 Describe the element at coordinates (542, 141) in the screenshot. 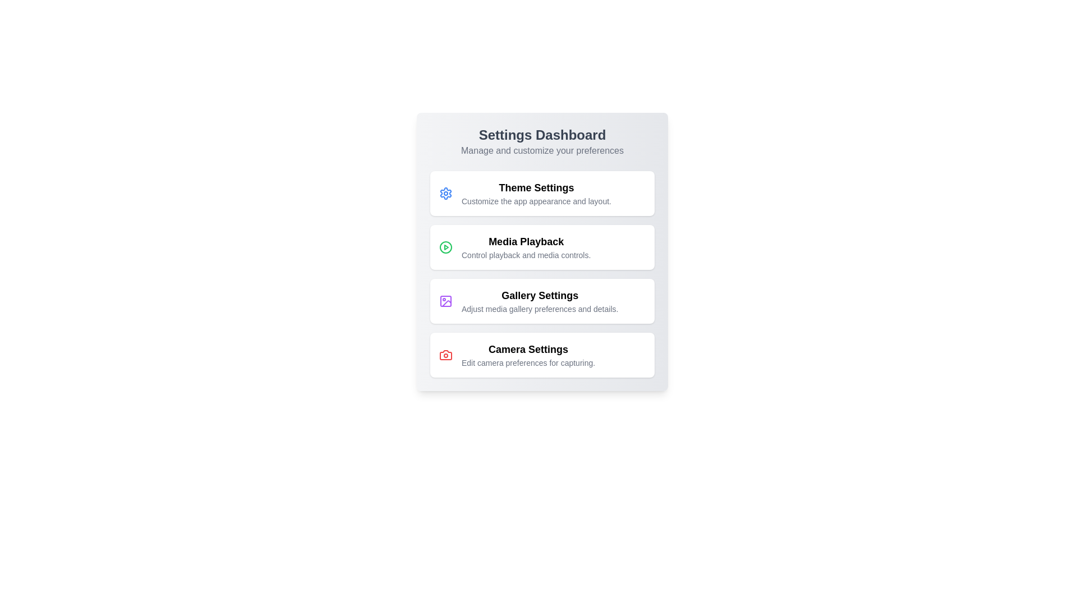

I see `the textual heading with subtitle at the top of the settings dashboard card, which provides an overview of its purpose` at that location.